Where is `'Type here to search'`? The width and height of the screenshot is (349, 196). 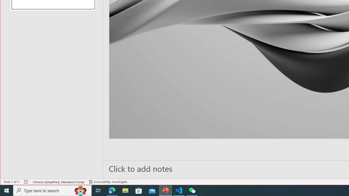
'Type here to search' is located at coordinates (52, 190).